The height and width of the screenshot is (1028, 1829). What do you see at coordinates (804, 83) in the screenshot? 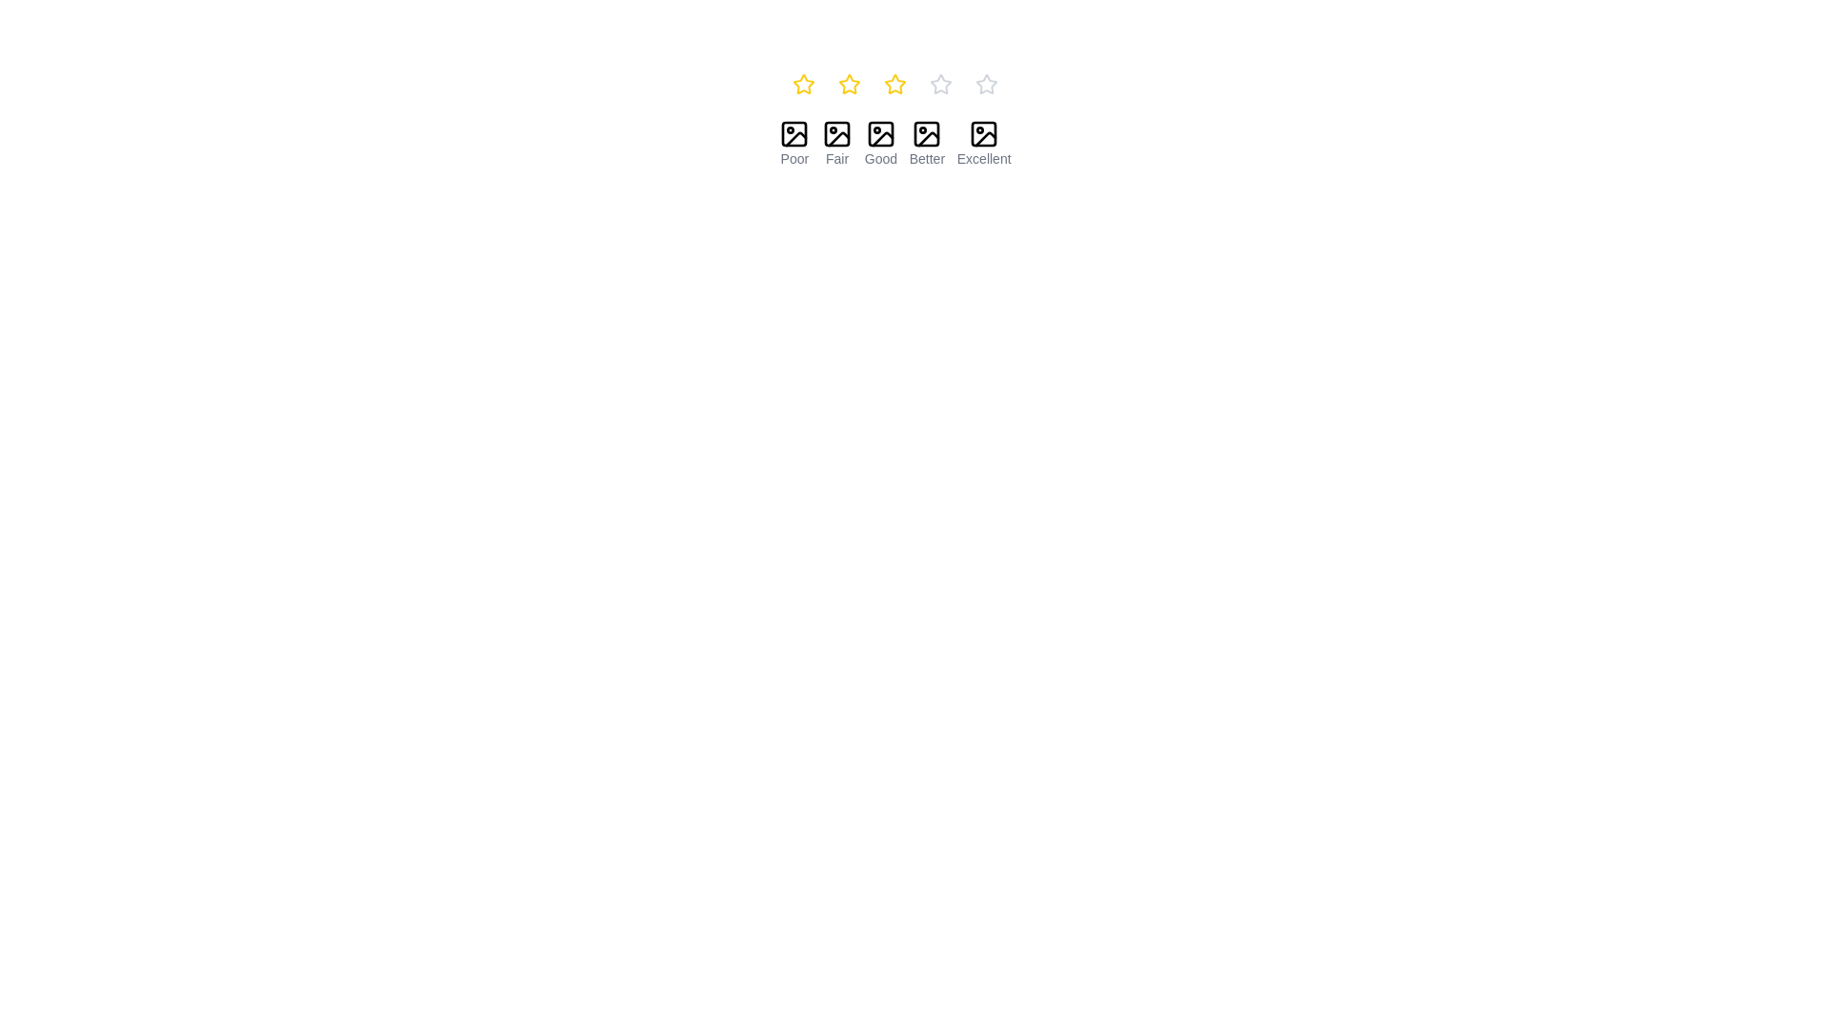
I see `the second star icon in the five-star rating system` at bounding box center [804, 83].